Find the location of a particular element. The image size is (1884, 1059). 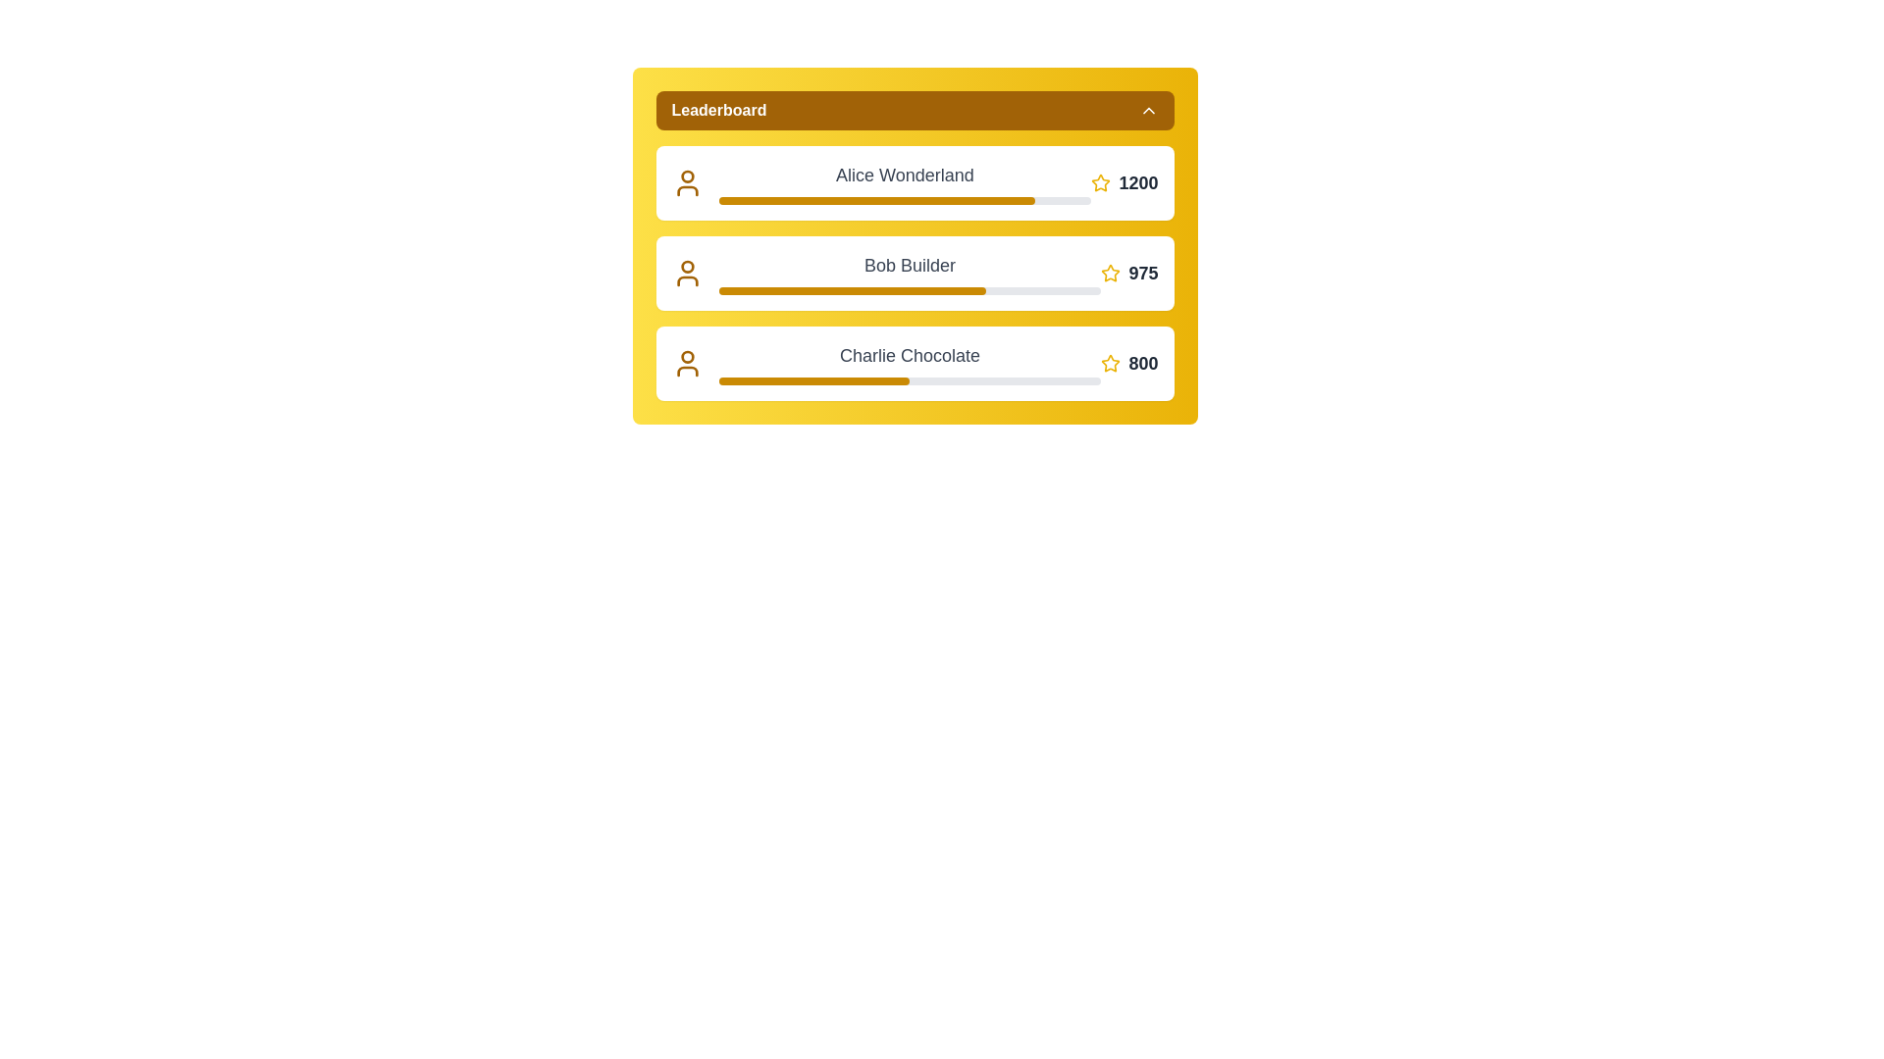

the Leaderboard Card displaying the name 'Bob Builder', which is the second card in the leaderboard section, positioned below 'Alice Wonderland' and above 'Charlie Chocolate' is located at coordinates (914, 273).